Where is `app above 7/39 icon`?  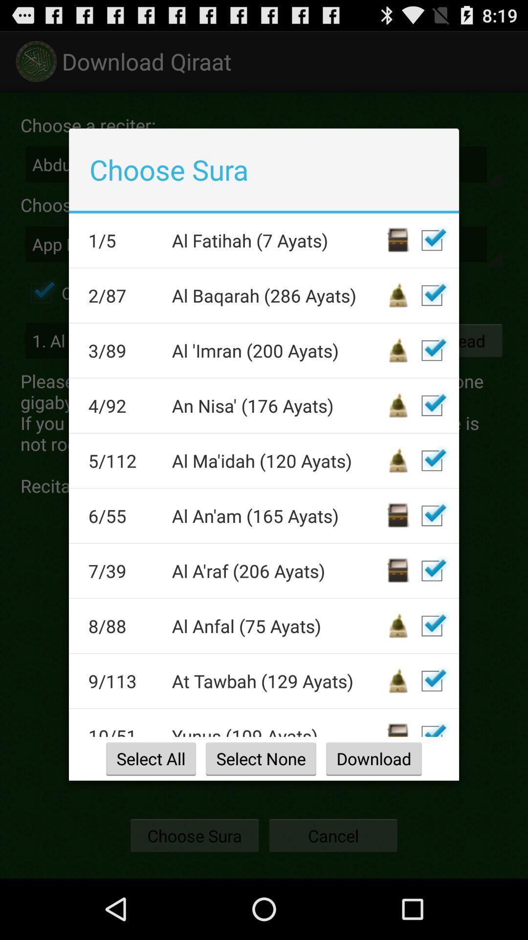
app above 7/39 icon is located at coordinates (123, 515).